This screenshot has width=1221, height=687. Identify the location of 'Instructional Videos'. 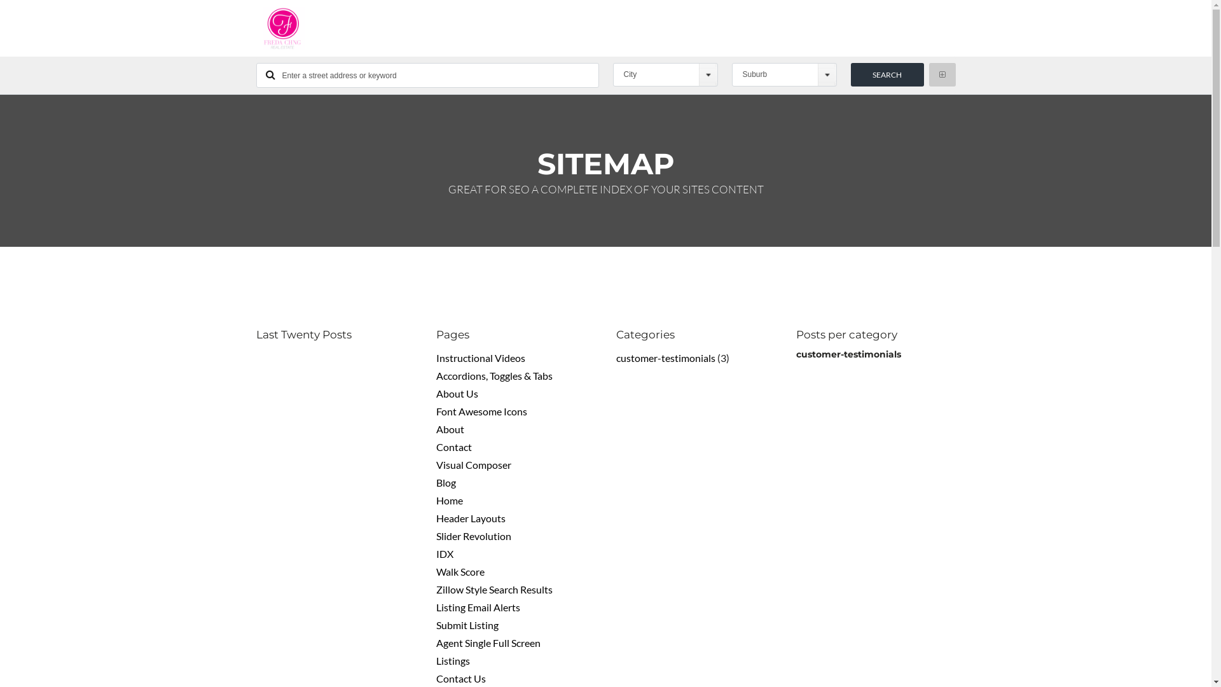
(480, 357).